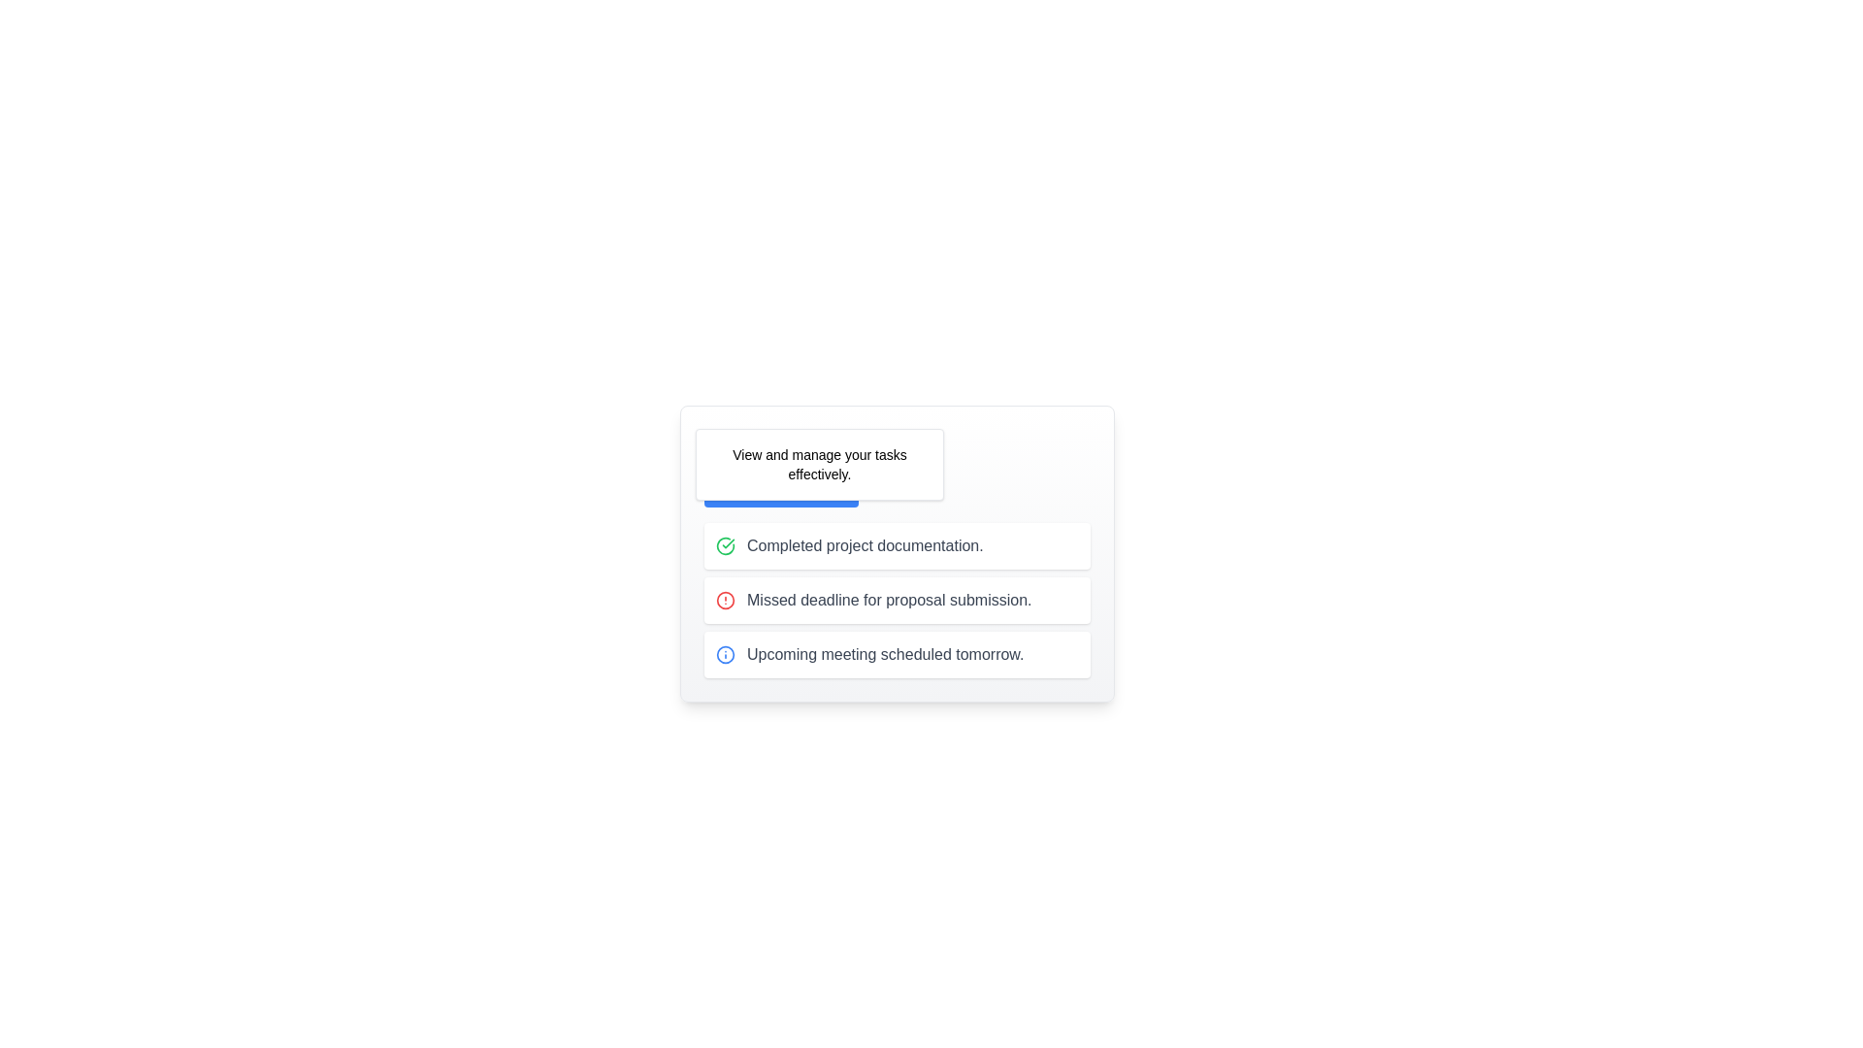  Describe the element at coordinates (864, 546) in the screenshot. I see `the Text label associated with a completed task, which is the first item in a vertical stack within its card-style layout` at that location.